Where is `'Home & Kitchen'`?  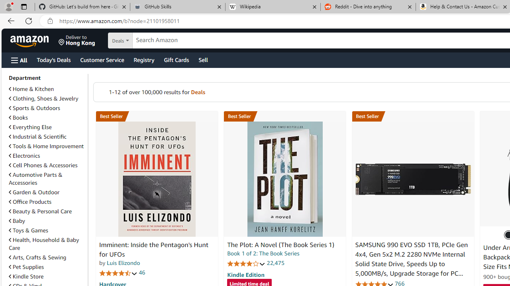 'Home & Kitchen' is located at coordinates (46, 89).